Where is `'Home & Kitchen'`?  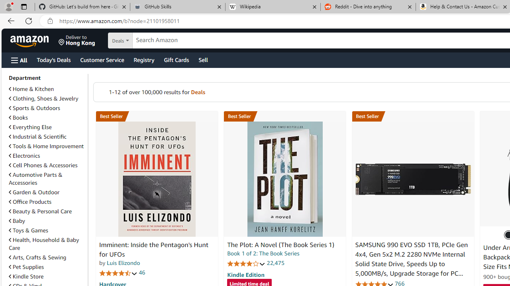 'Home & Kitchen' is located at coordinates (46, 89).